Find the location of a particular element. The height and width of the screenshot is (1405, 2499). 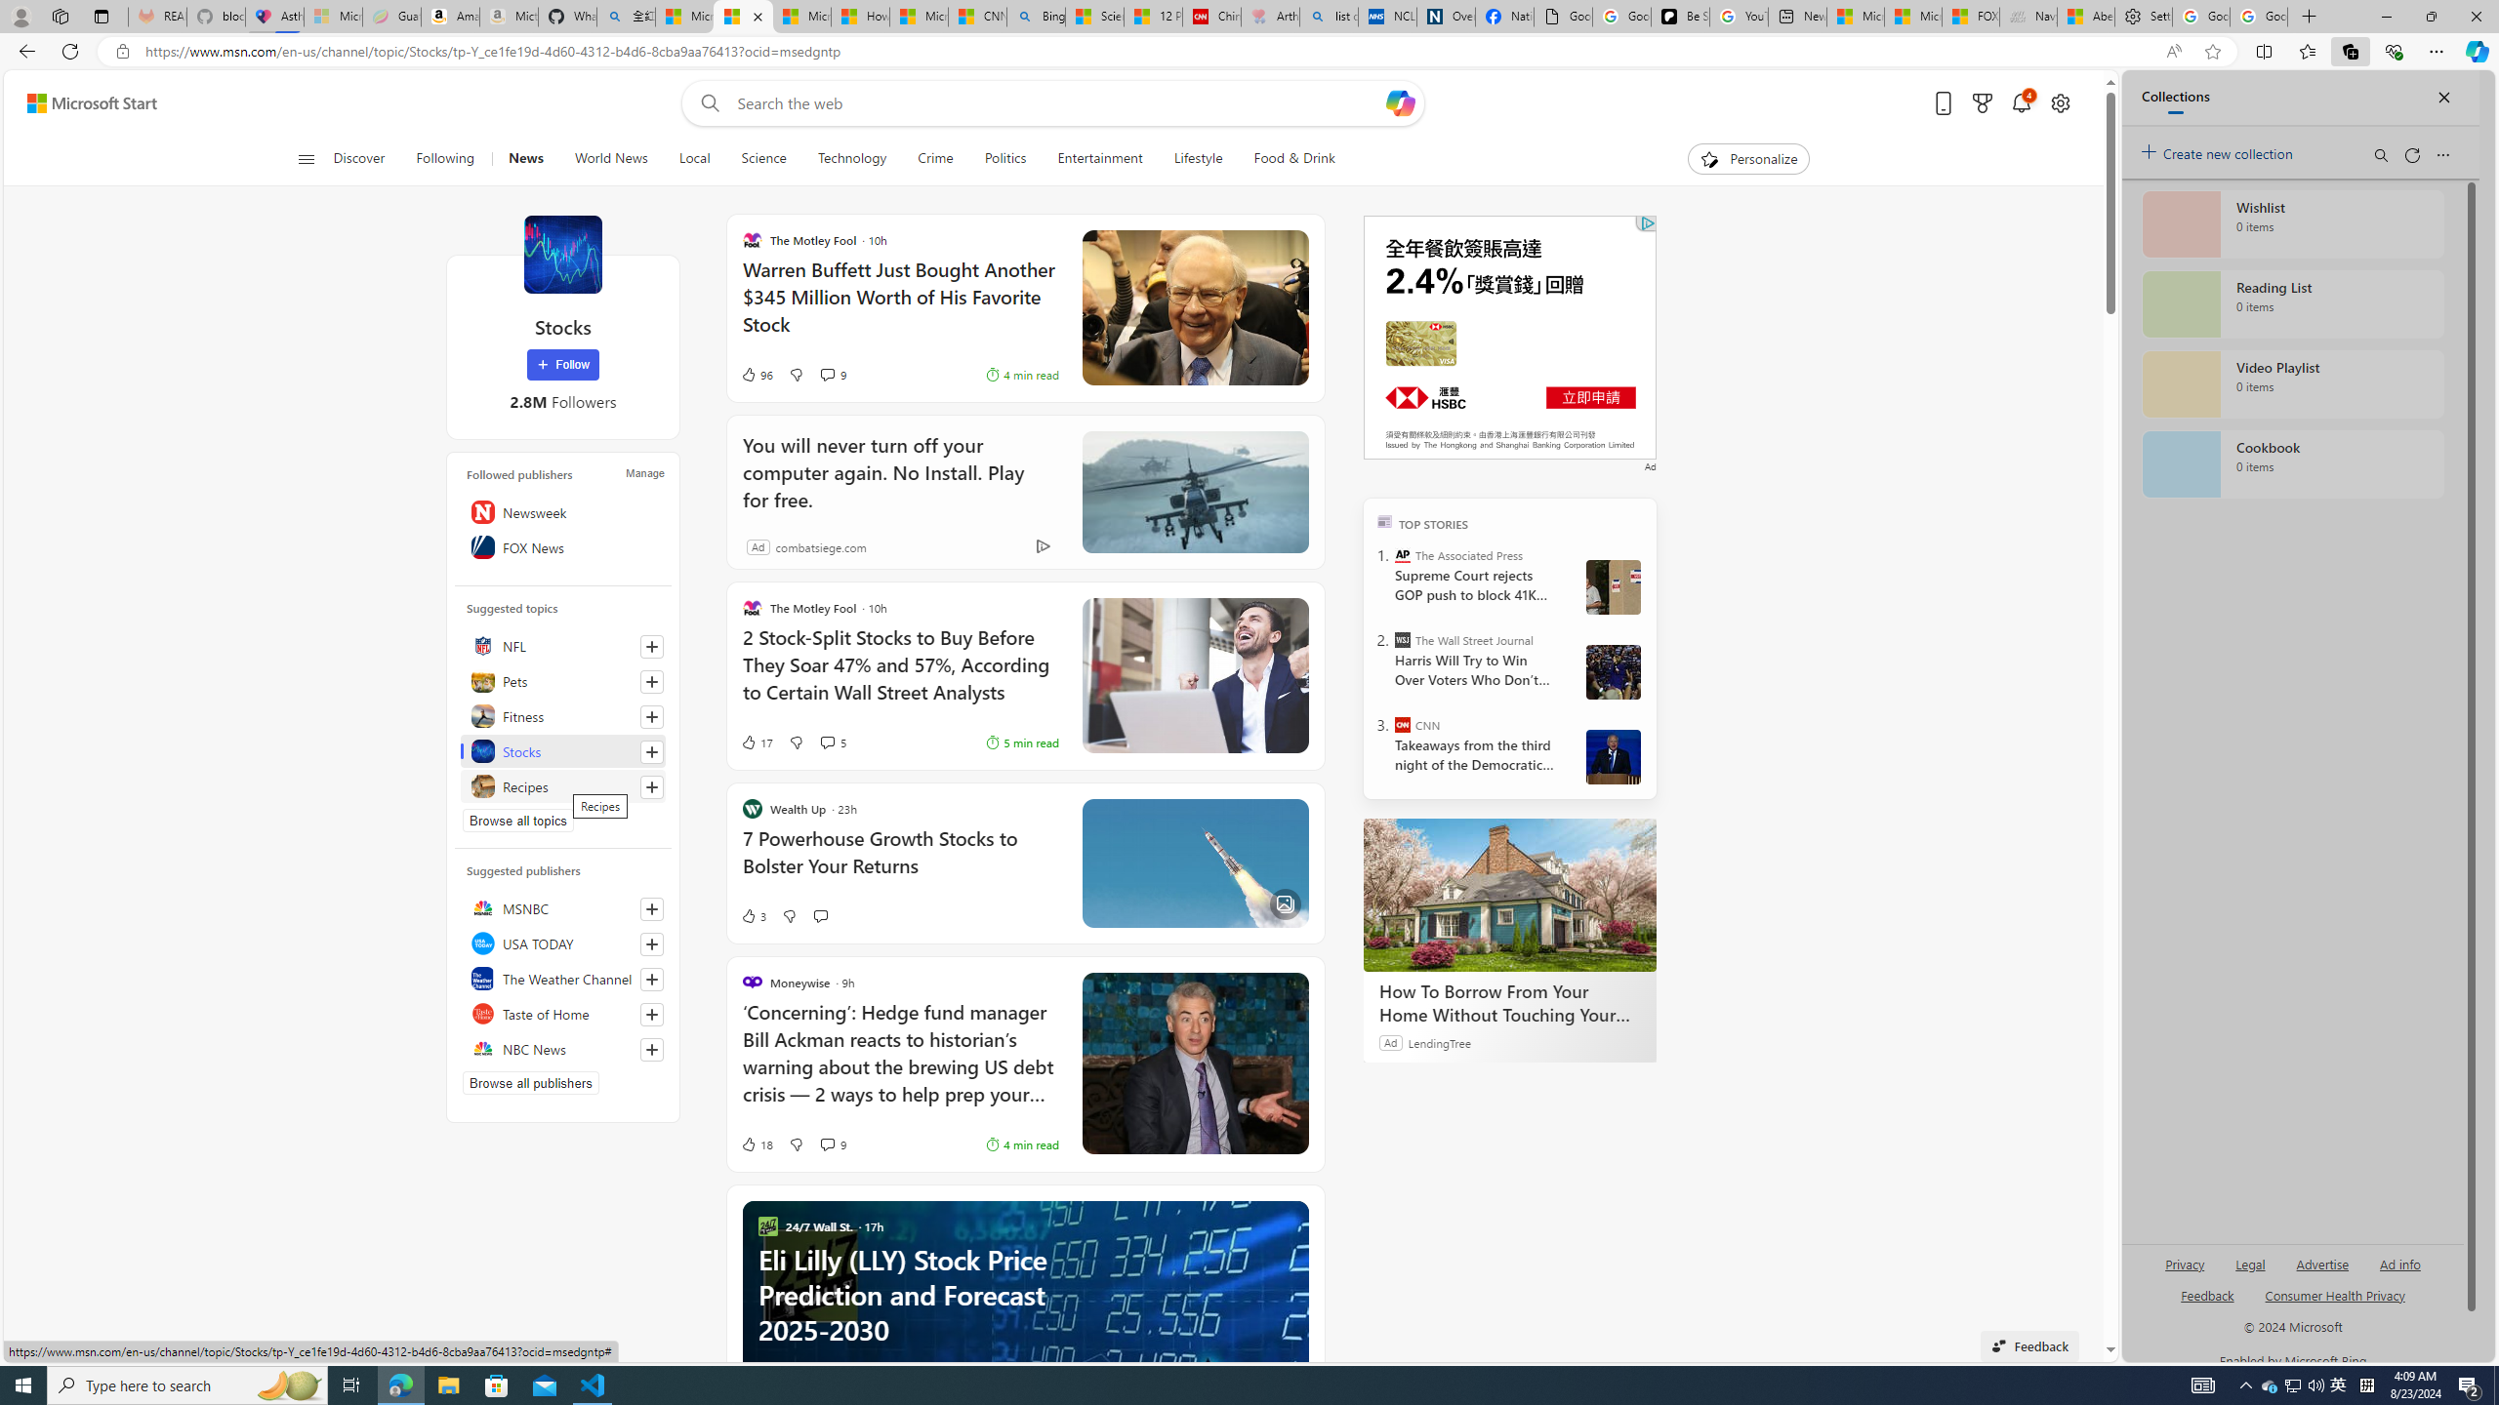

'NFL' is located at coordinates (561, 646).